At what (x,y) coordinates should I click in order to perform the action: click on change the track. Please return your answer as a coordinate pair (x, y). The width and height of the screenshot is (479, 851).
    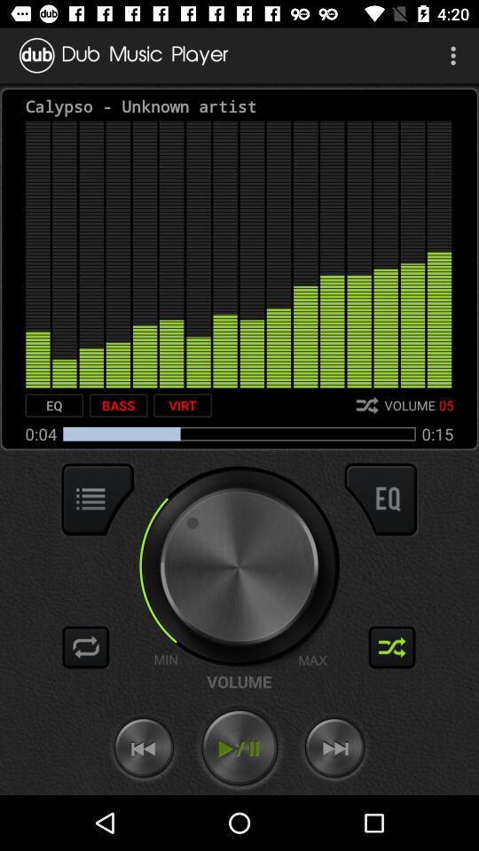
    Looking at the image, I should click on (85, 646).